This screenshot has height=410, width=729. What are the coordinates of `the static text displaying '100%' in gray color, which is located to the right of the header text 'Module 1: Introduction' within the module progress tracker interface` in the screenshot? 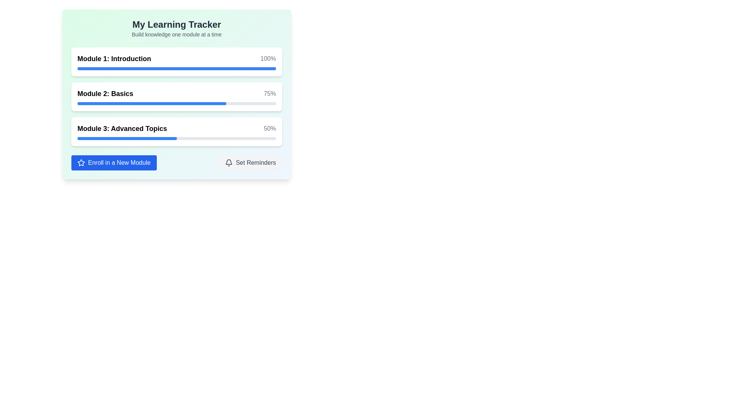 It's located at (268, 58).